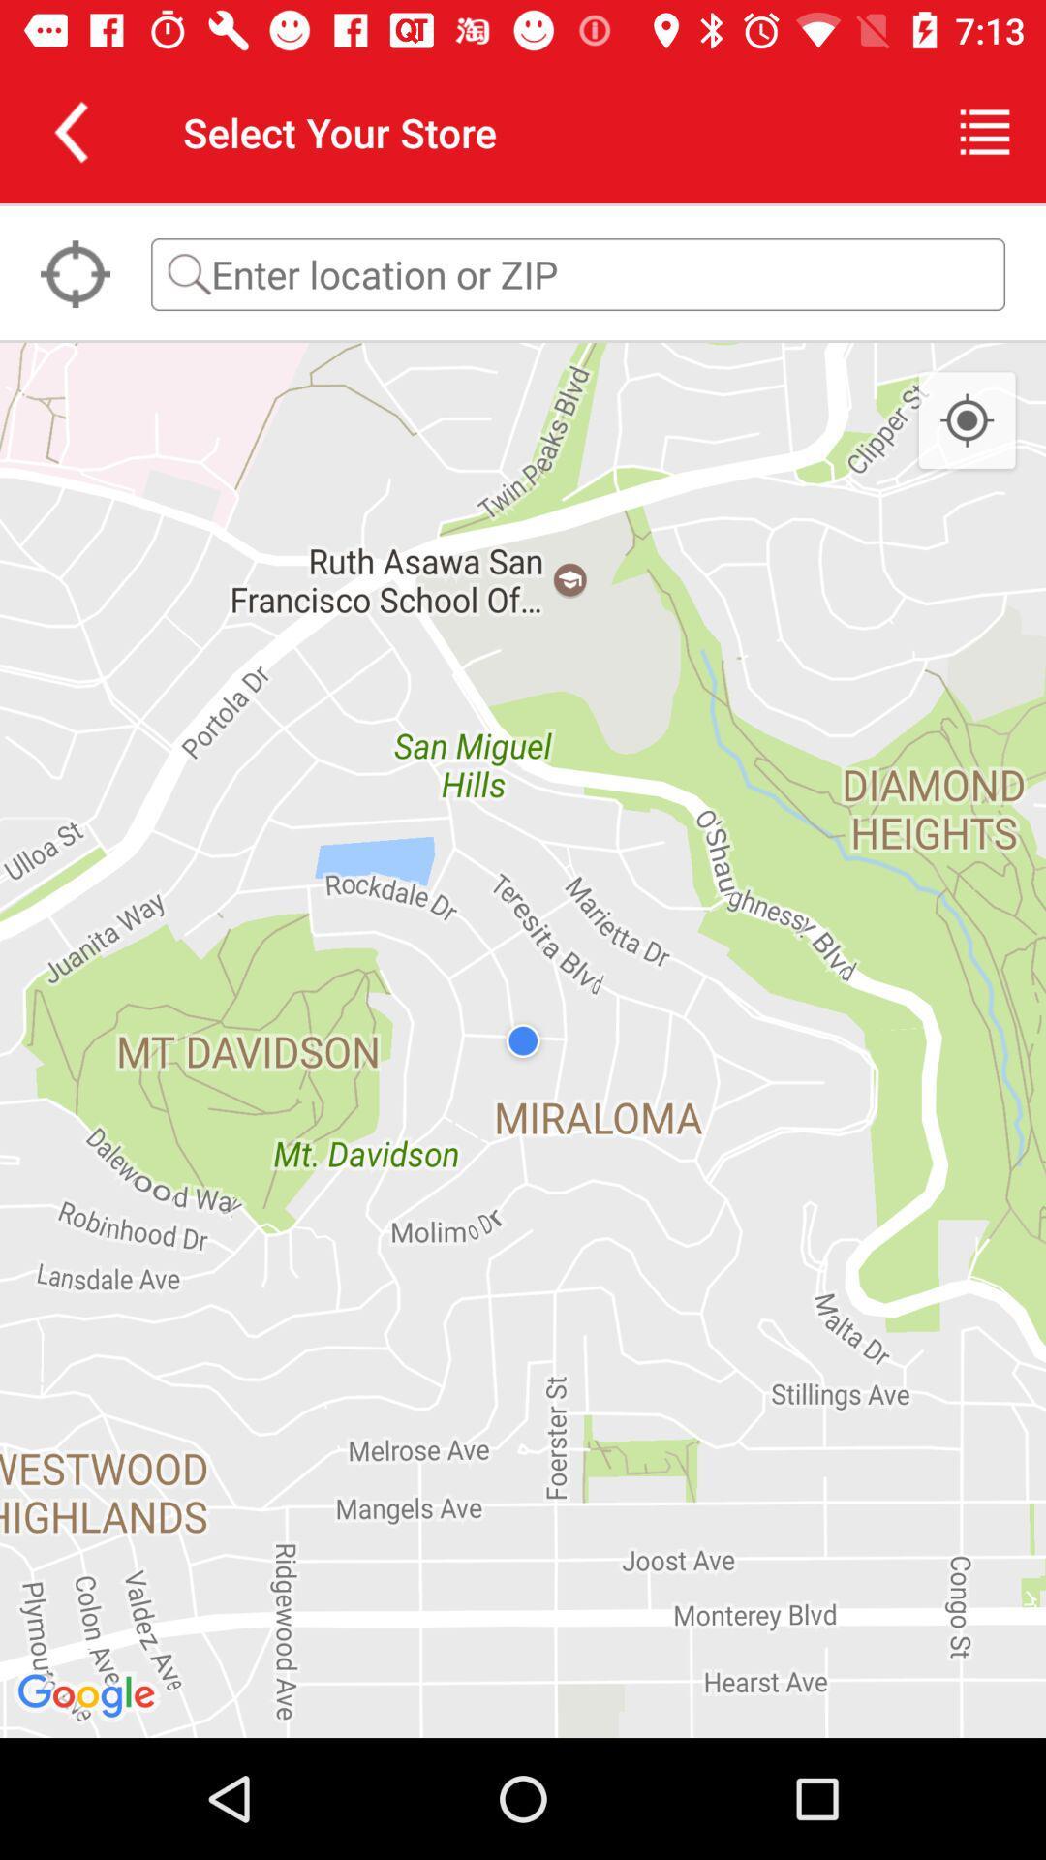 Image resolution: width=1046 pixels, height=1860 pixels. I want to click on the location_crosshair icon, so click(74, 273).